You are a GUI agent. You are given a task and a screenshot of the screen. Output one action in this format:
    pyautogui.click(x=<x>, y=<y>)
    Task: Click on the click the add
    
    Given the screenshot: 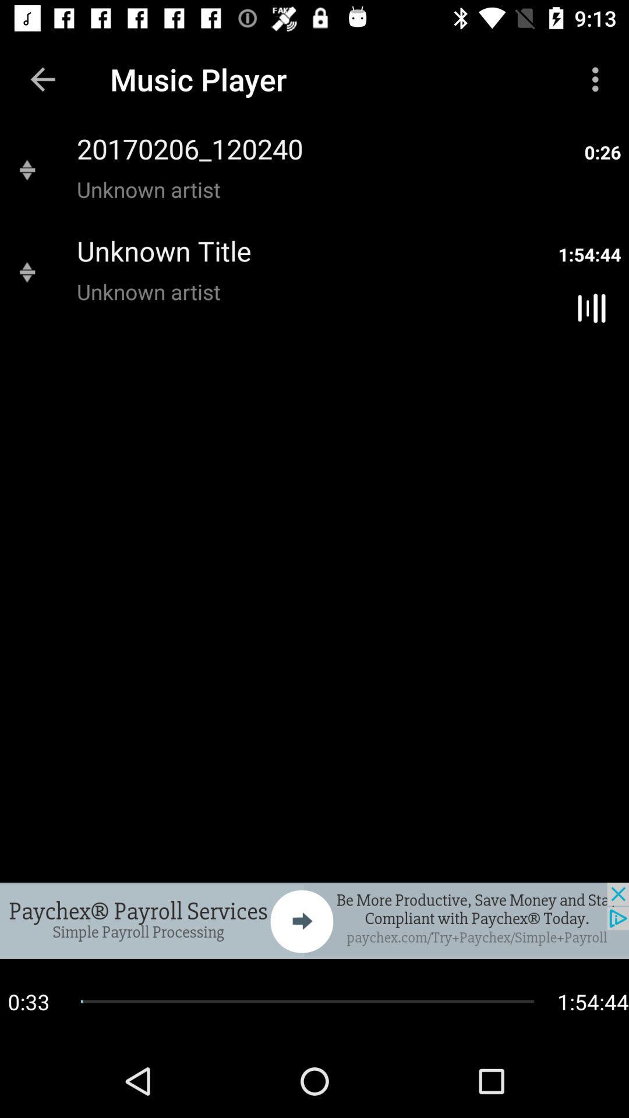 What is the action you would take?
    pyautogui.click(x=314, y=920)
    